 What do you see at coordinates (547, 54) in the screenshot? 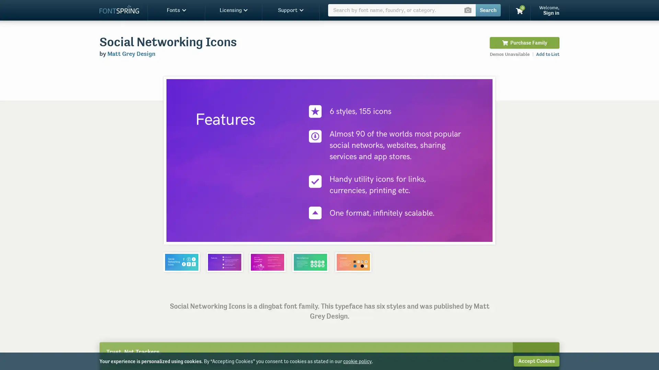
I see `Add to List` at bounding box center [547, 54].